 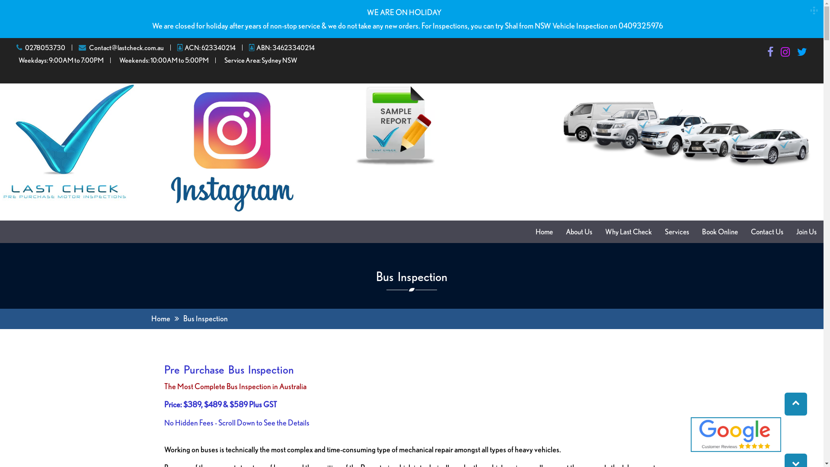 I want to click on 'Last Check Instagram Account', so click(x=232, y=151).